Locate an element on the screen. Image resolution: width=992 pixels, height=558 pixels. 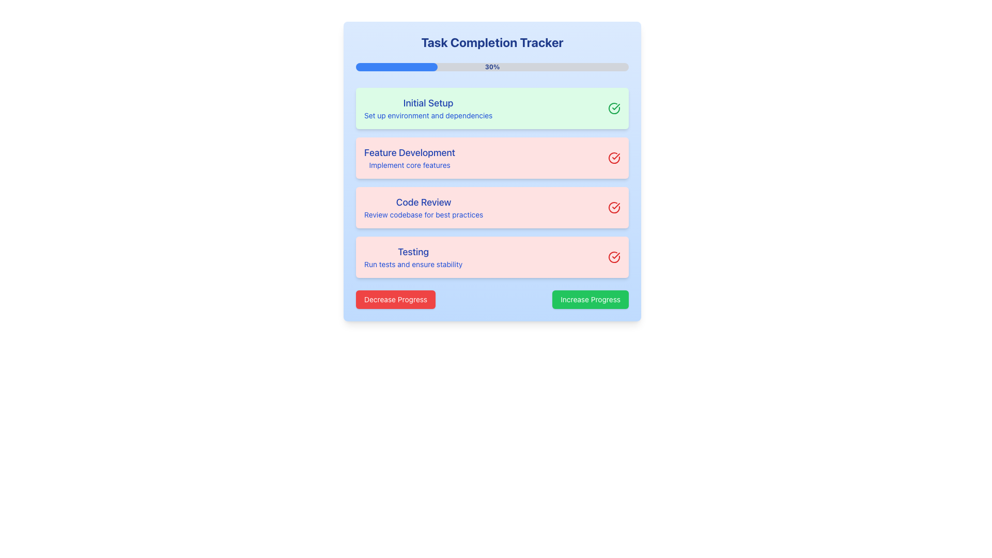
the static text element that says 'Run tests and ensure stability', located below the heading 'Testing' in the task completion tracker interface is located at coordinates (413, 264).